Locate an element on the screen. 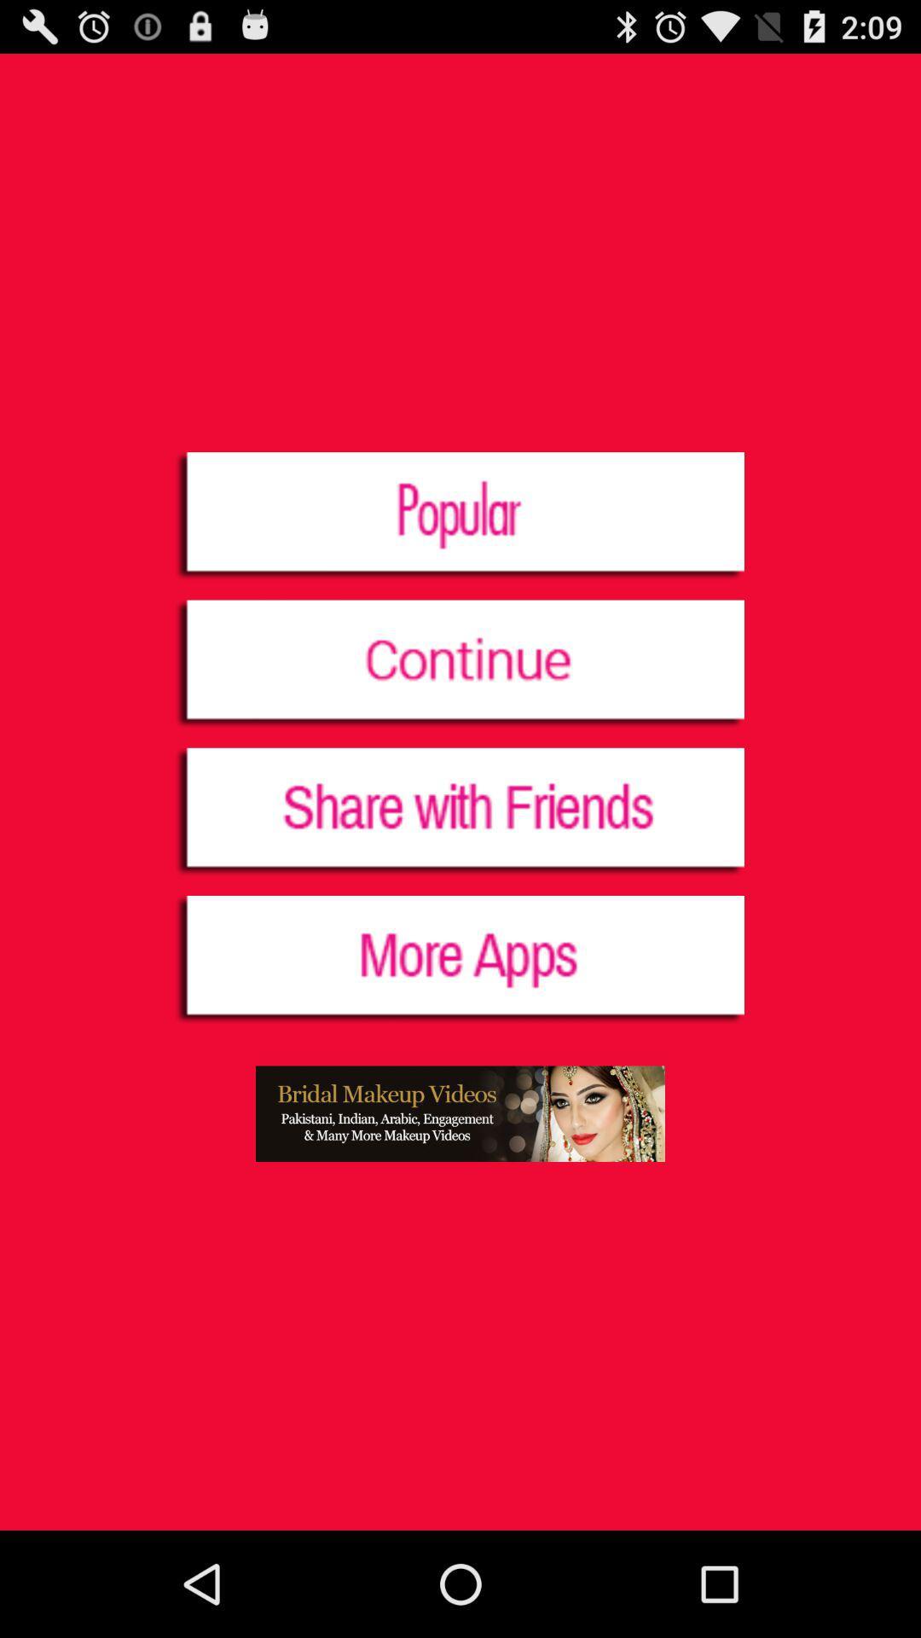 The width and height of the screenshot is (921, 1638). open more apps is located at coordinates (459, 961).